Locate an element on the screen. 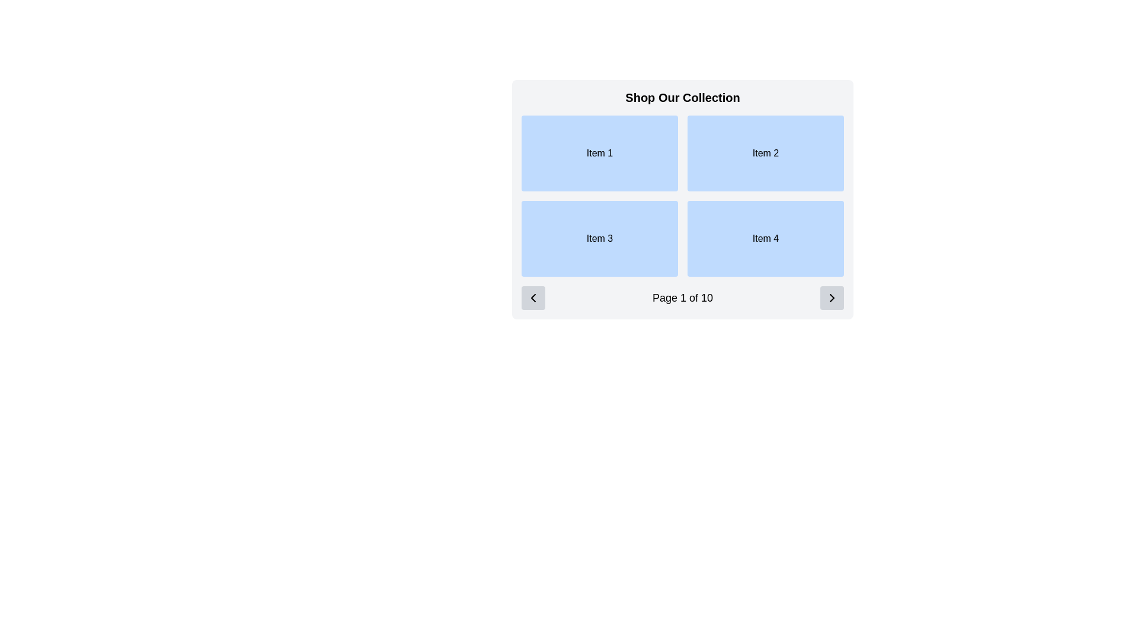  the 'previous page' button located at the bottom-left corner of the pagination interface is located at coordinates (533, 297).